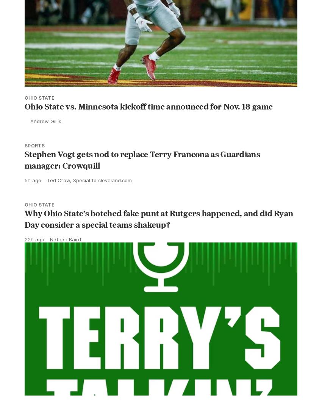  What do you see at coordinates (142, 176) in the screenshot?
I see `'Stephen Vogt gets nod to replace Terry Francona as Guardians manager: Crowquill'` at bounding box center [142, 176].